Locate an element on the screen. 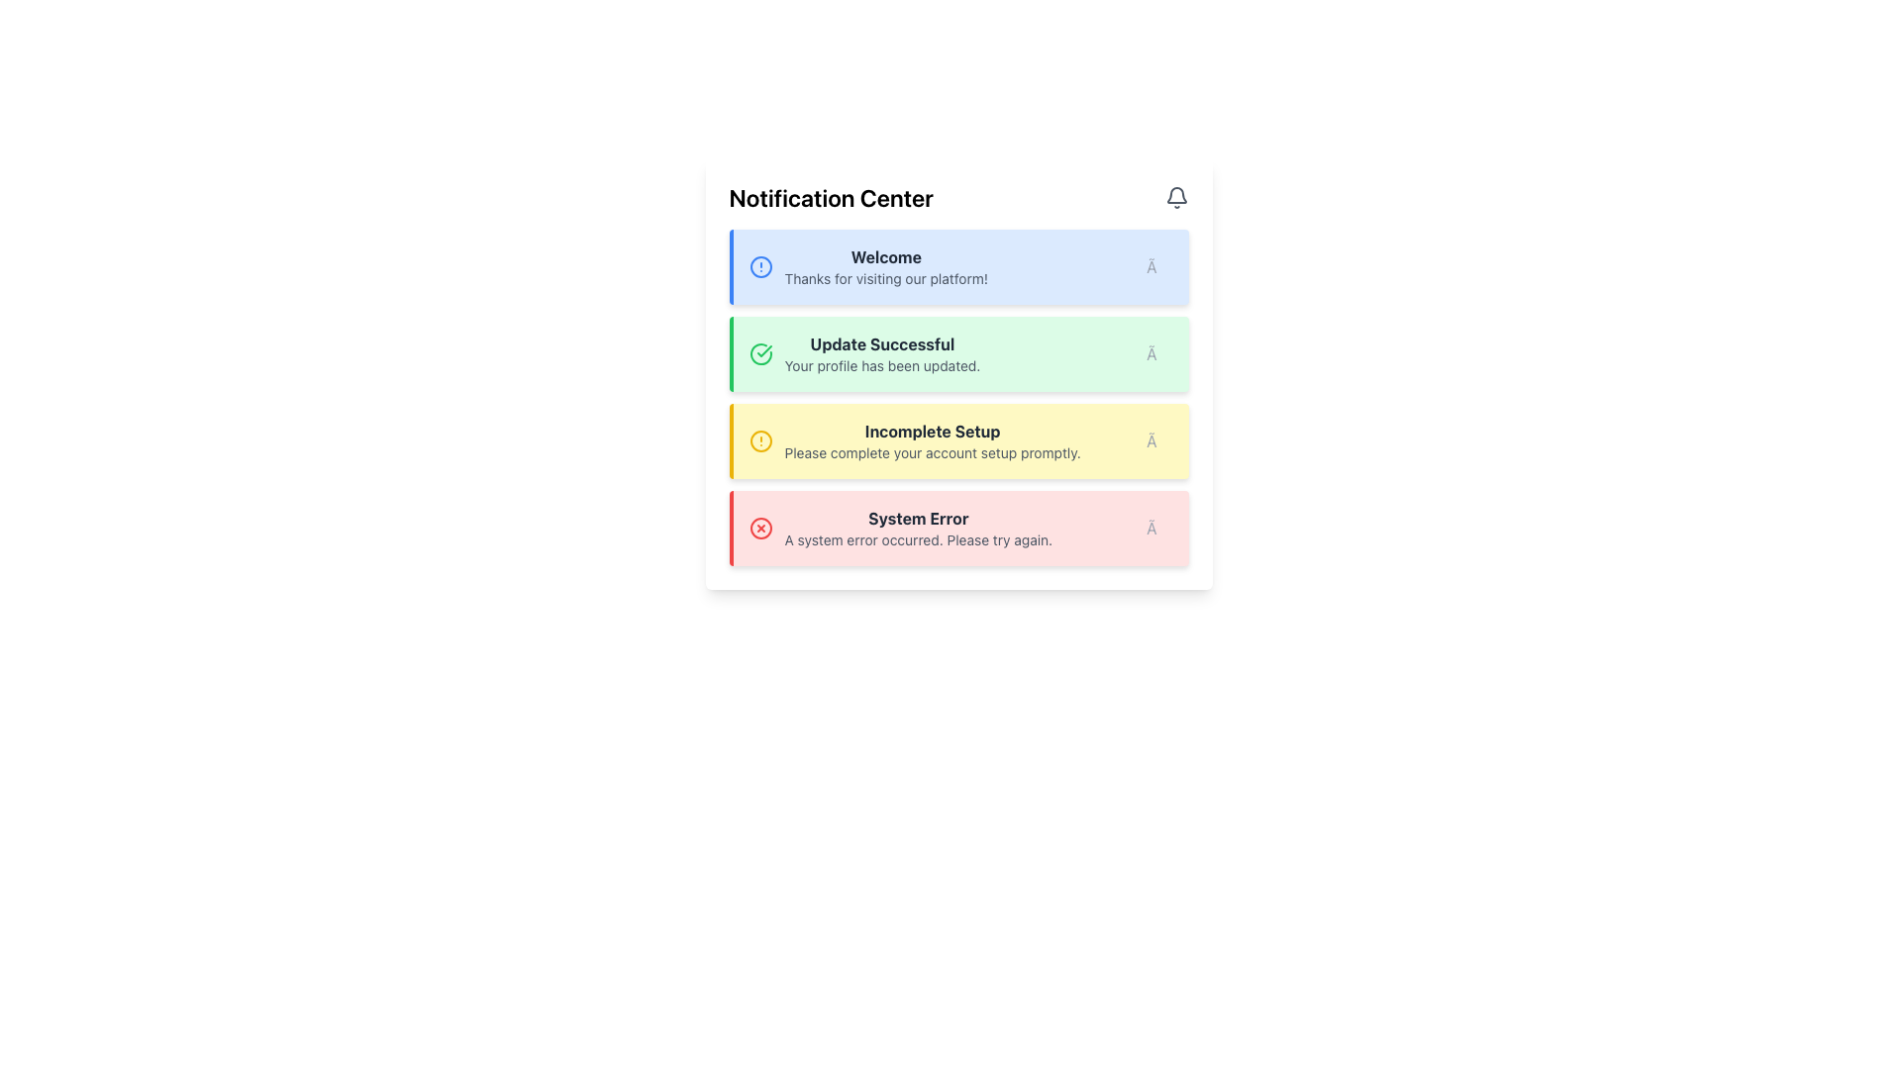 The width and height of the screenshot is (1901, 1069). the close button in the 'Update Successful' notification to trigger a style change is located at coordinates (1159, 353).